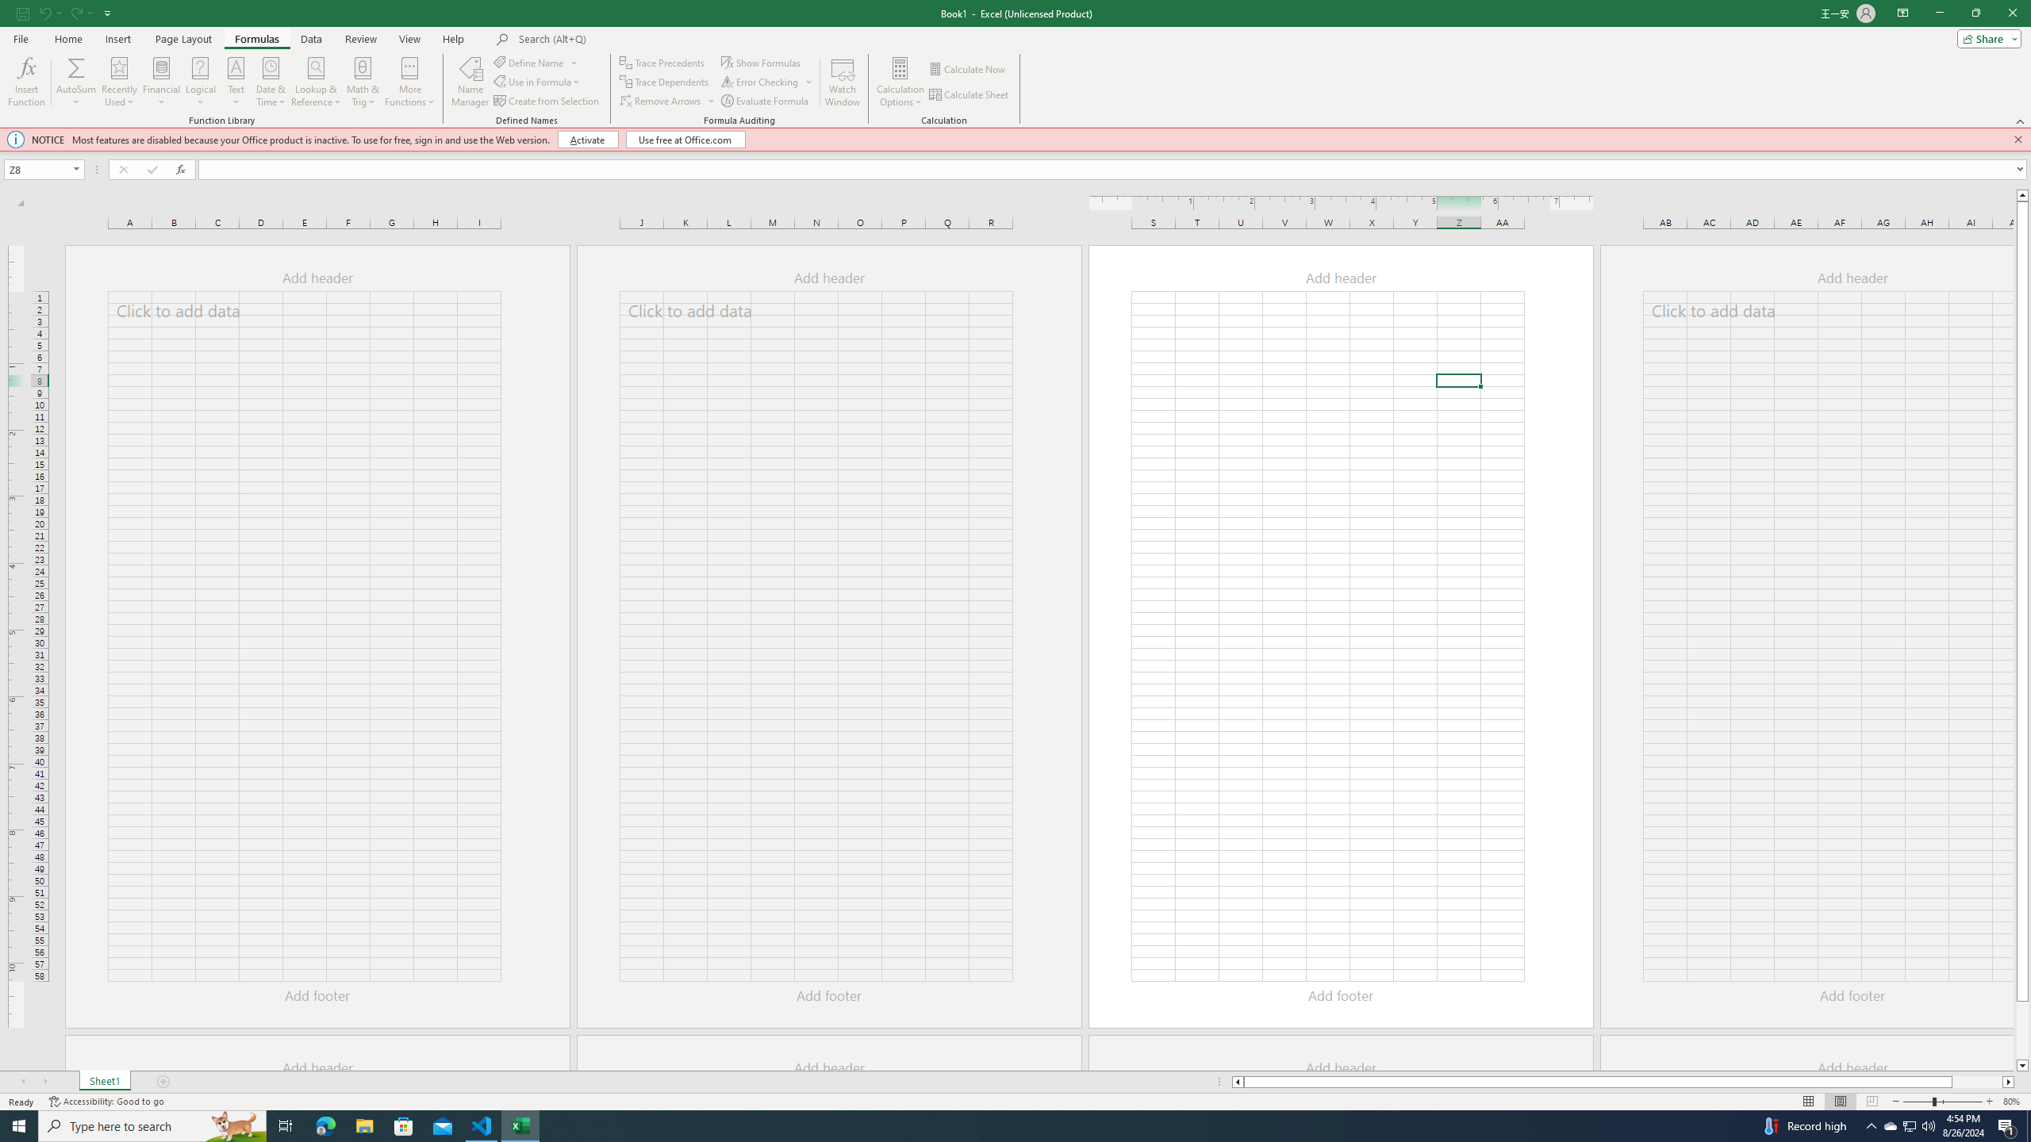 Image resolution: width=2031 pixels, height=1142 pixels. Describe the element at coordinates (25, 82) in the screenshot. I see `'Insert Function...'` at that location.